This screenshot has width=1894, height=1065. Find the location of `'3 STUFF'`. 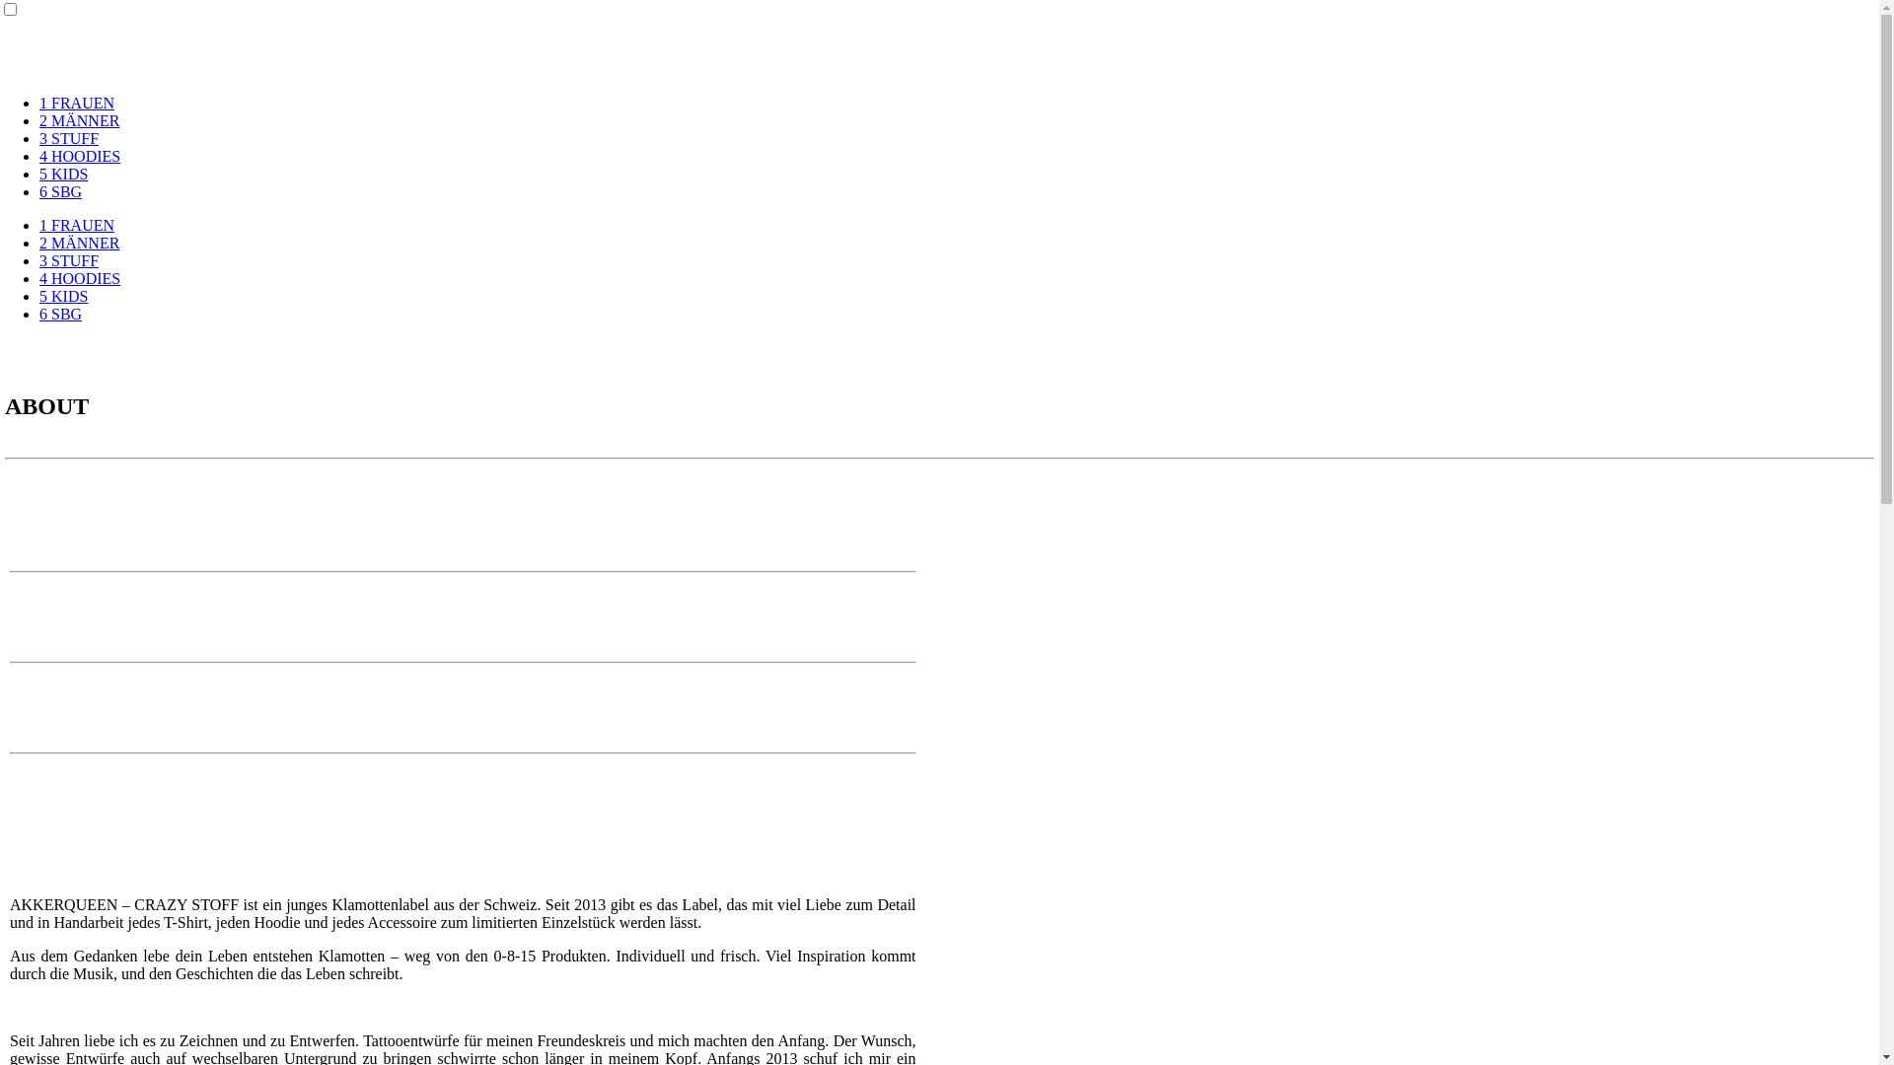

'3 STUFF' is located at coordinates (69, 137).